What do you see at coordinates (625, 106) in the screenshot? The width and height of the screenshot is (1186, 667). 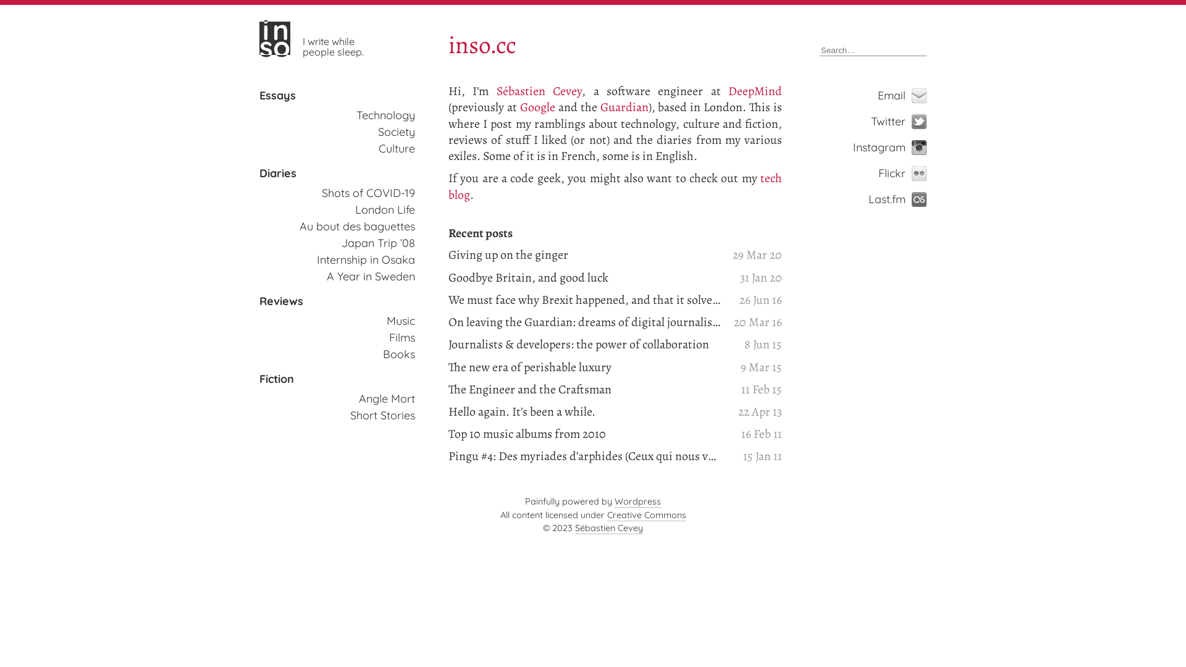 I see `'Guardian'` at bounding box center [625, 106].